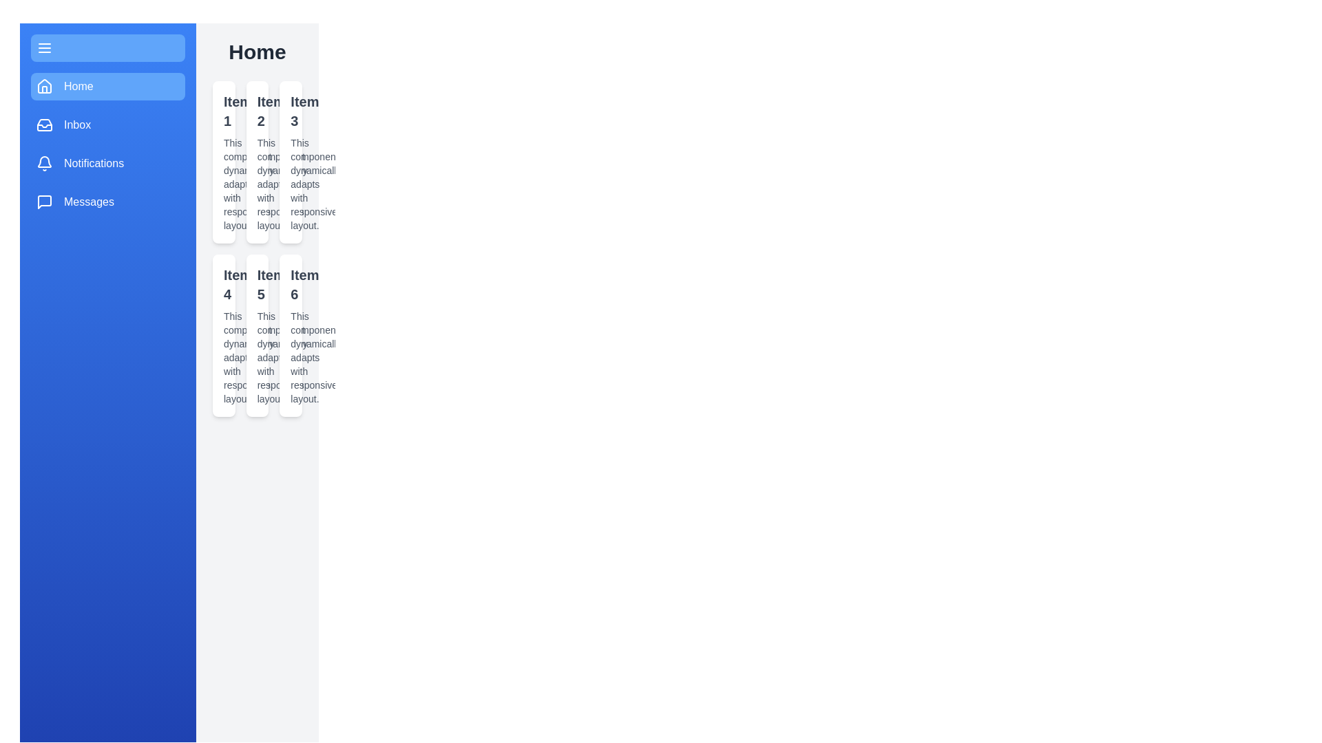 The image size is (1322, 743). I want to click on the title of the Card element that contains the text 'Item 6', which is the third card in the second row of a grid layout, so click(290, 336).